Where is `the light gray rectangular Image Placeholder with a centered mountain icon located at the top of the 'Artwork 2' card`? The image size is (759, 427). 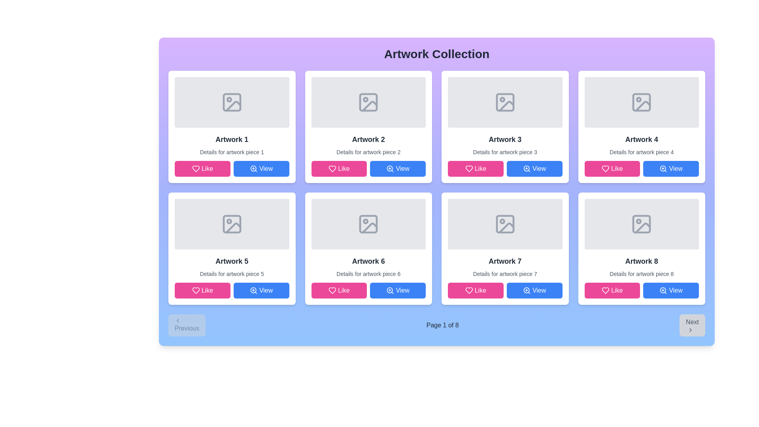 the light gray rectangular Image Placeholder with a centered mountain icon located at the top of the 'Artwork 2' card is located at coordinates (368, 102).